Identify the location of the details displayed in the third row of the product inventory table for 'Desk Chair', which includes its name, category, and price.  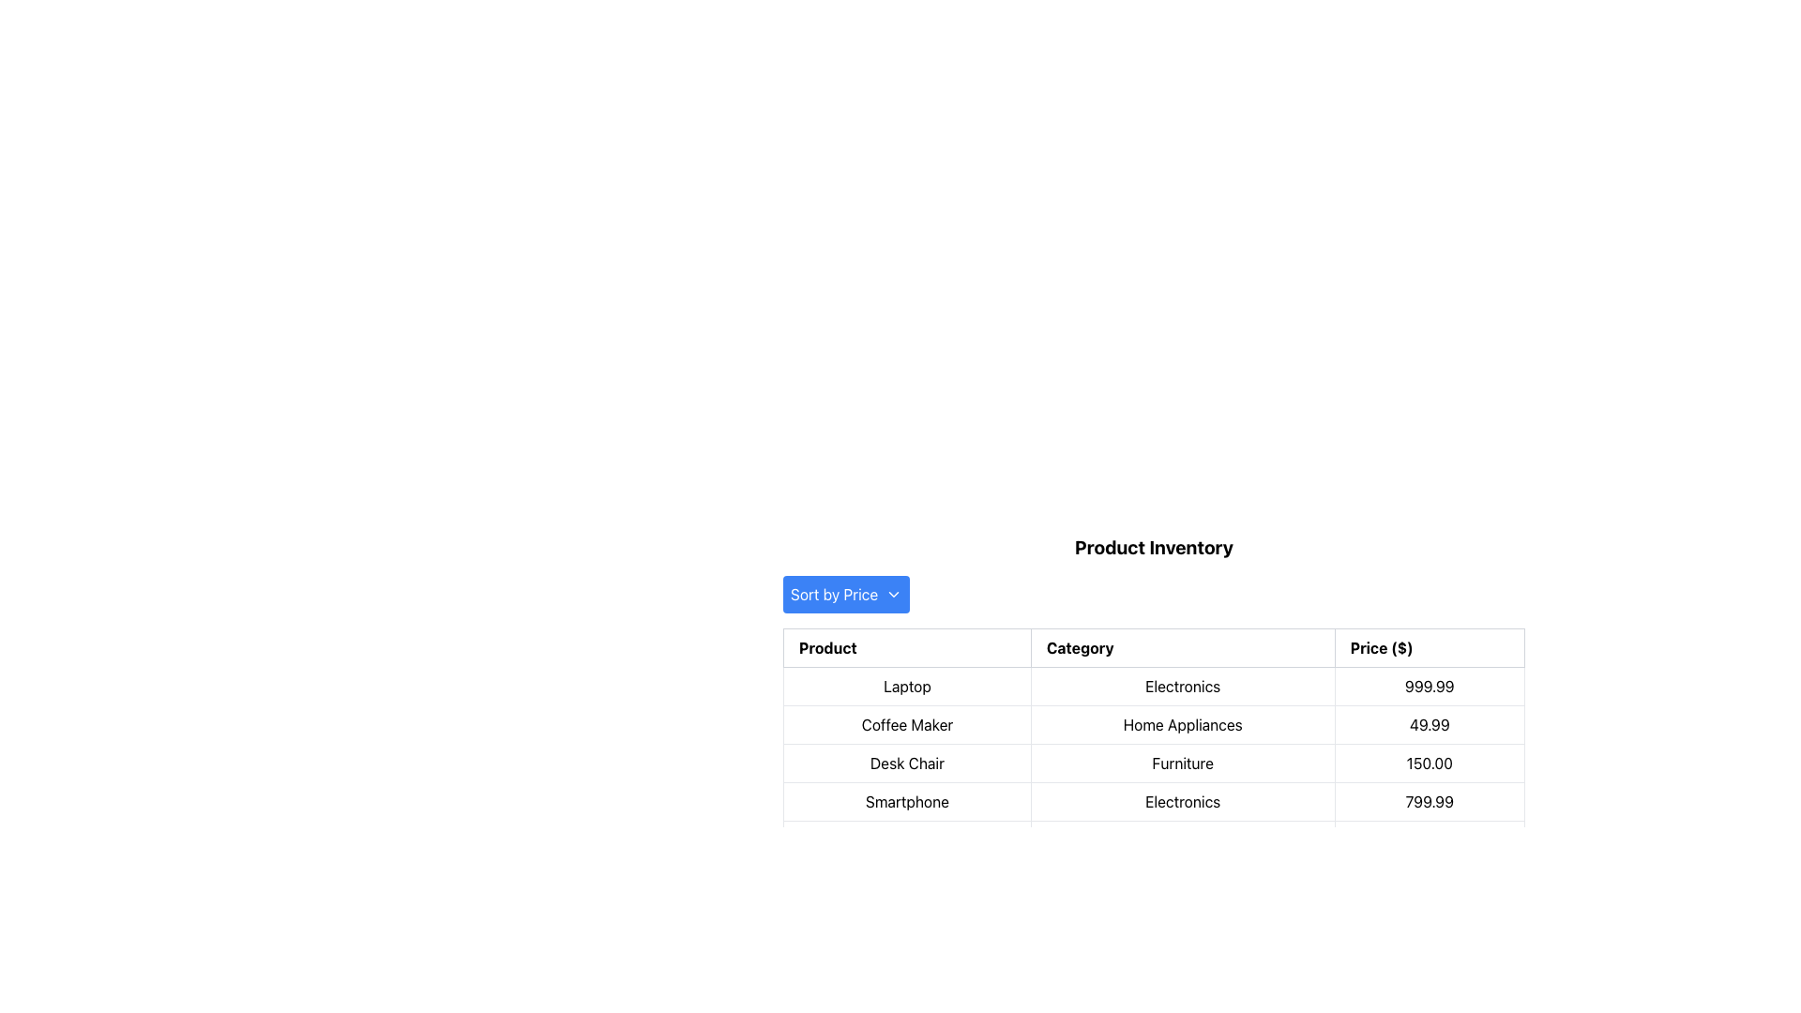
(1153, 763).